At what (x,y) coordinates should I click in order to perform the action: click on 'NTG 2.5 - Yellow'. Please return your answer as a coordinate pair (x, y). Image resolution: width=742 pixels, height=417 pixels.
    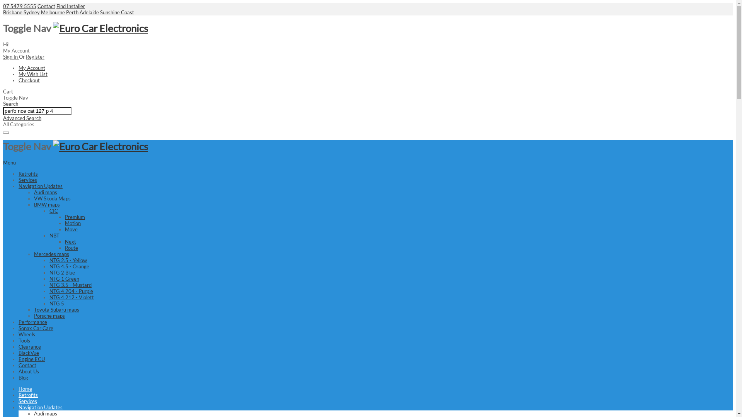
    Looking at the image, I should click on (68, 260).